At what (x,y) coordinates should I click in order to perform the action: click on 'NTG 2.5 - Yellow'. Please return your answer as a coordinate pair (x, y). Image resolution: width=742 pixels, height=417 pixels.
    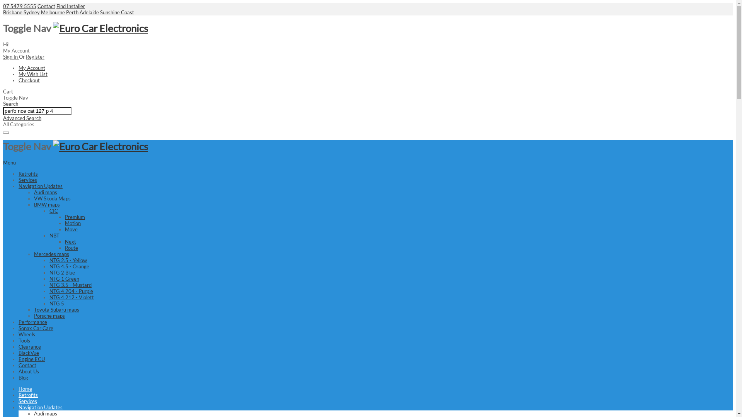
    Looking at the image, I should click on (68, 260).